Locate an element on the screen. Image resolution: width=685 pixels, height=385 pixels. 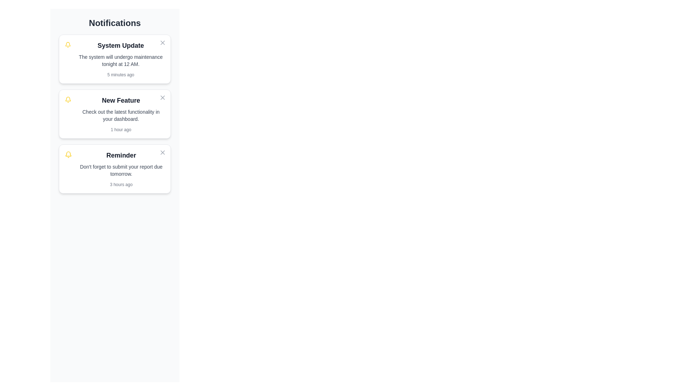
the vector graphic line element, which is part of the cross icon for dismissing the 'New Feature' notification in the second notification card from the top is located at coordinates (162, 97).